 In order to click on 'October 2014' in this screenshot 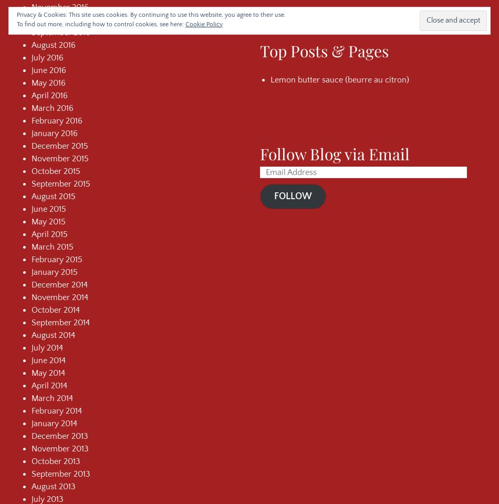, I will do `click(32, 309)`.